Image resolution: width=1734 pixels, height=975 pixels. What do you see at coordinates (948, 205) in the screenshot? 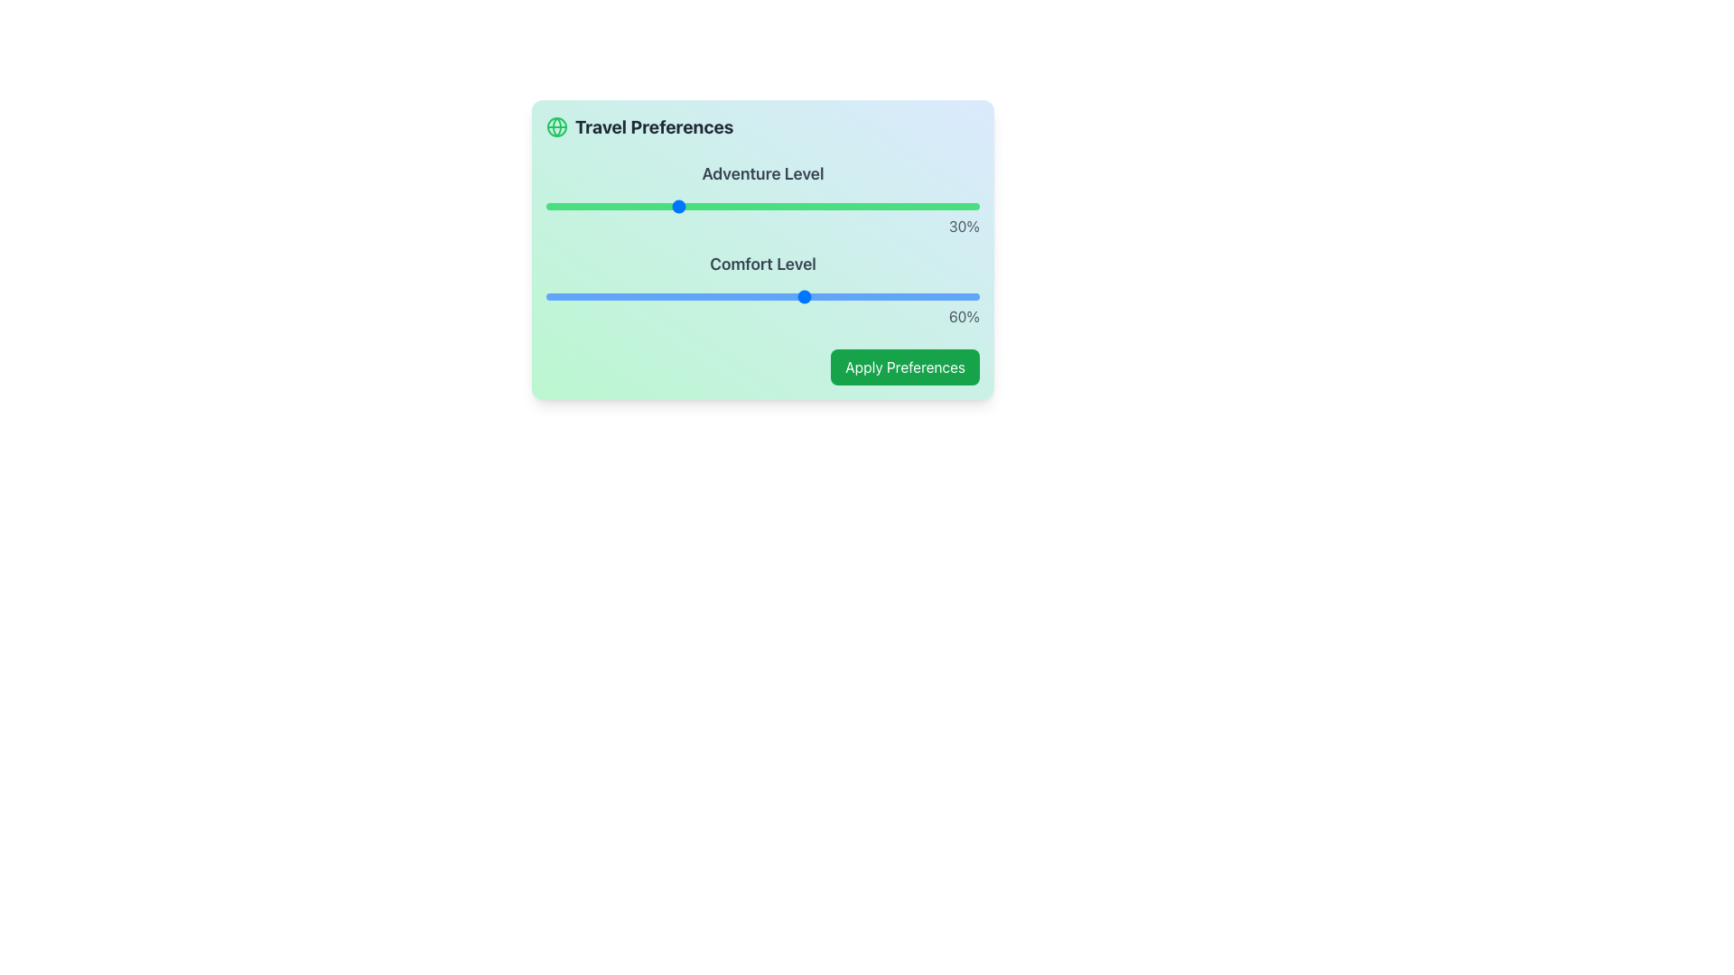
I see `Adventure Level` at bounding box center [948, 205].